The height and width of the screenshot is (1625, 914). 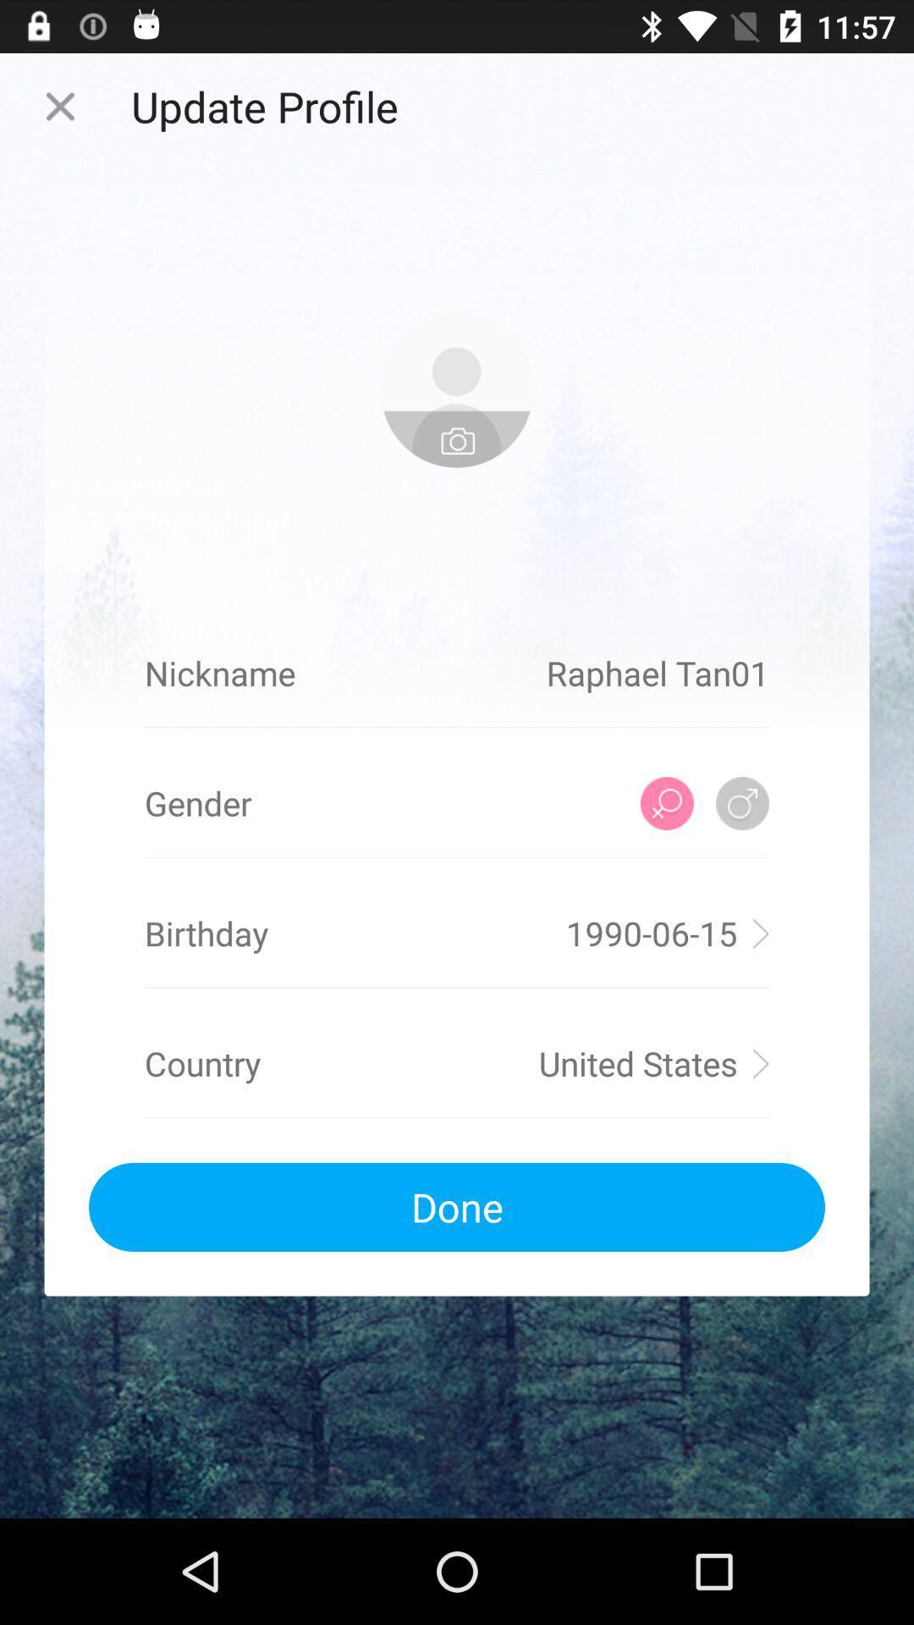 I want to click on choose male gender, so click(x=741, y=802).